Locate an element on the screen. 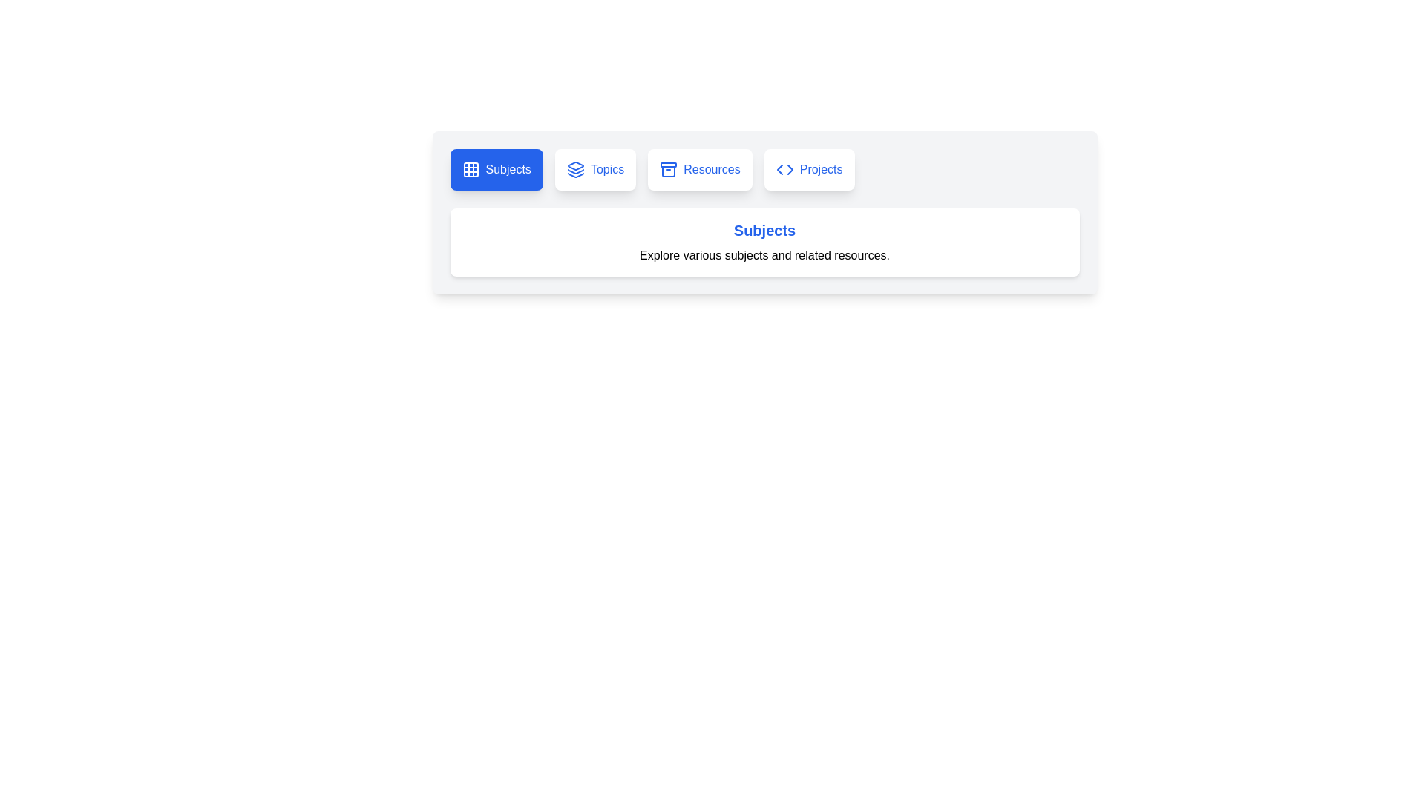 The width and height of the screenshot is (1425, 801). the tab labeled Resources to activate it and view its content is located at coordinates (698, 168).